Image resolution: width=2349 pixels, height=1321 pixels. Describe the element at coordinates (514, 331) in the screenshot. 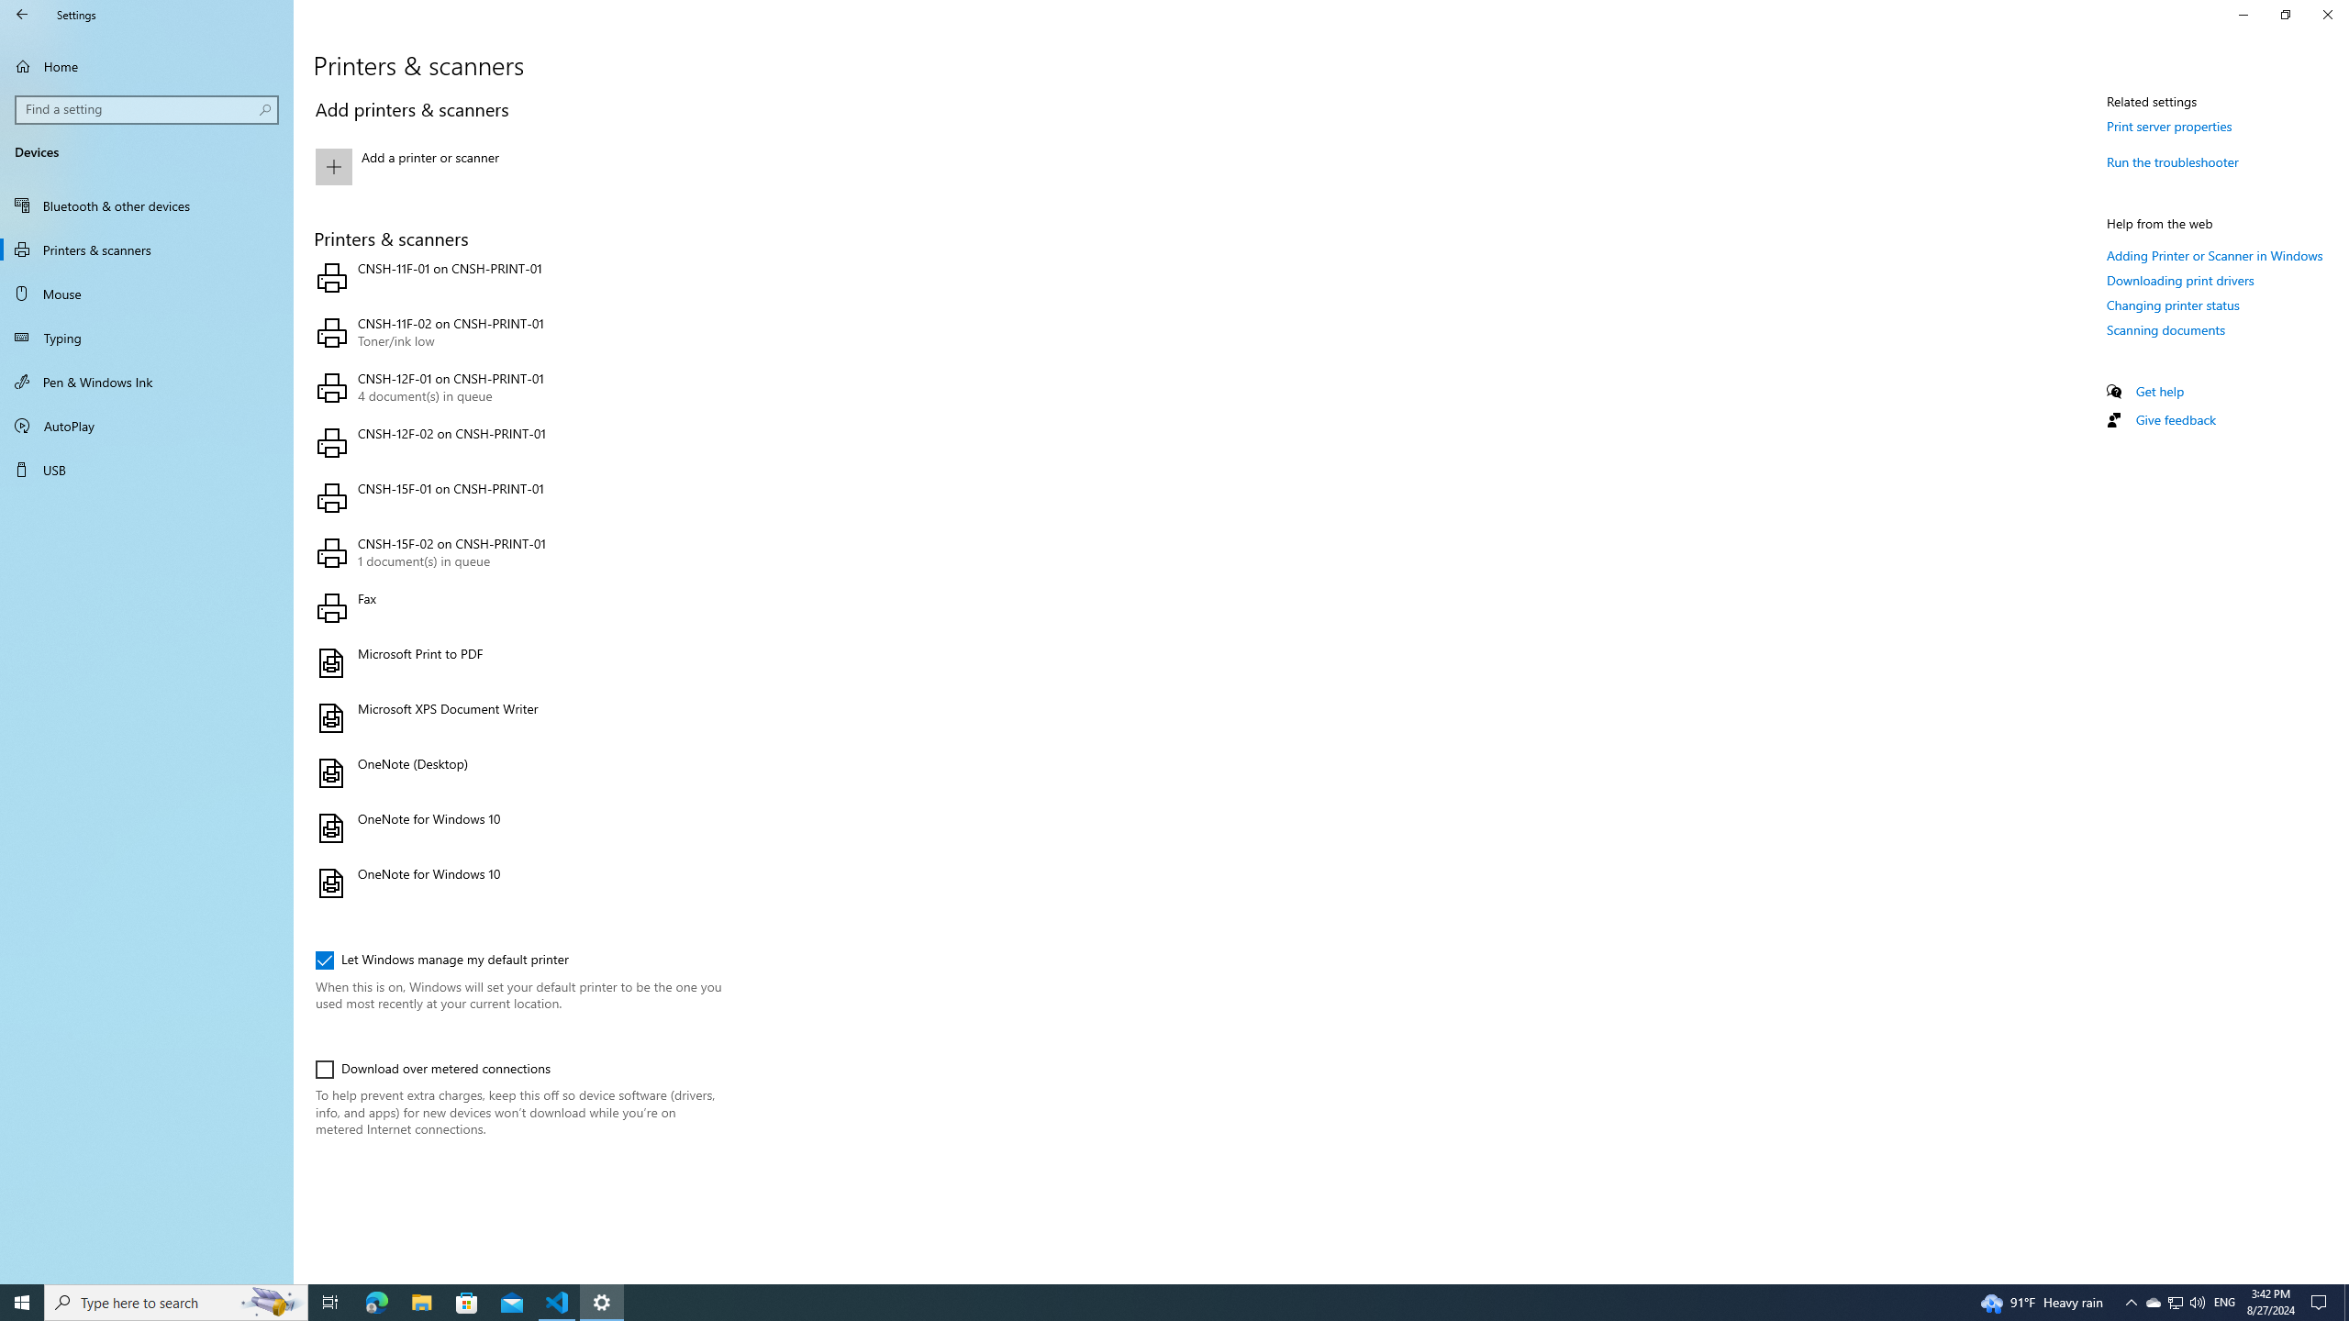

I see `'CNSH-11F-02 on CNSH-PRINT-01 Toner/ink low'` at that location.